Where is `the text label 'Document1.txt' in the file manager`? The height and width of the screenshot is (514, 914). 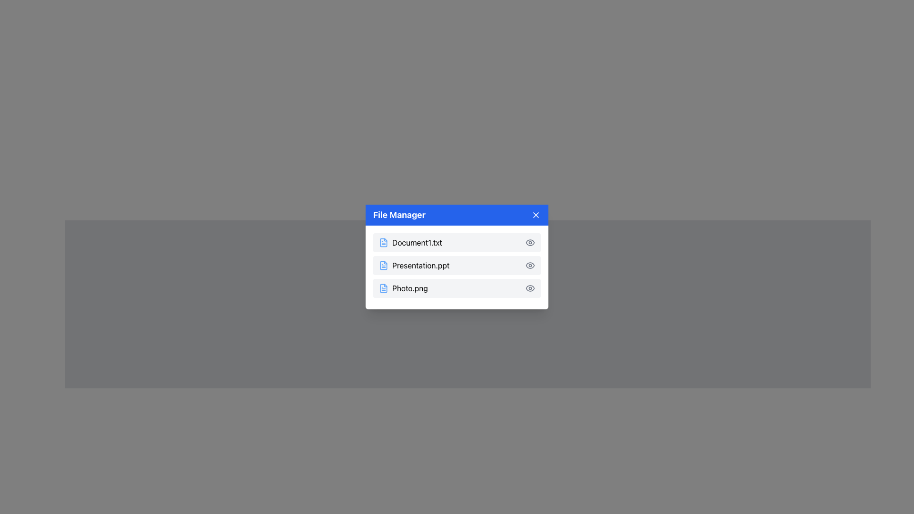 the text label 'Document1.txt' in the file manager is located at coordinates (417, 242).